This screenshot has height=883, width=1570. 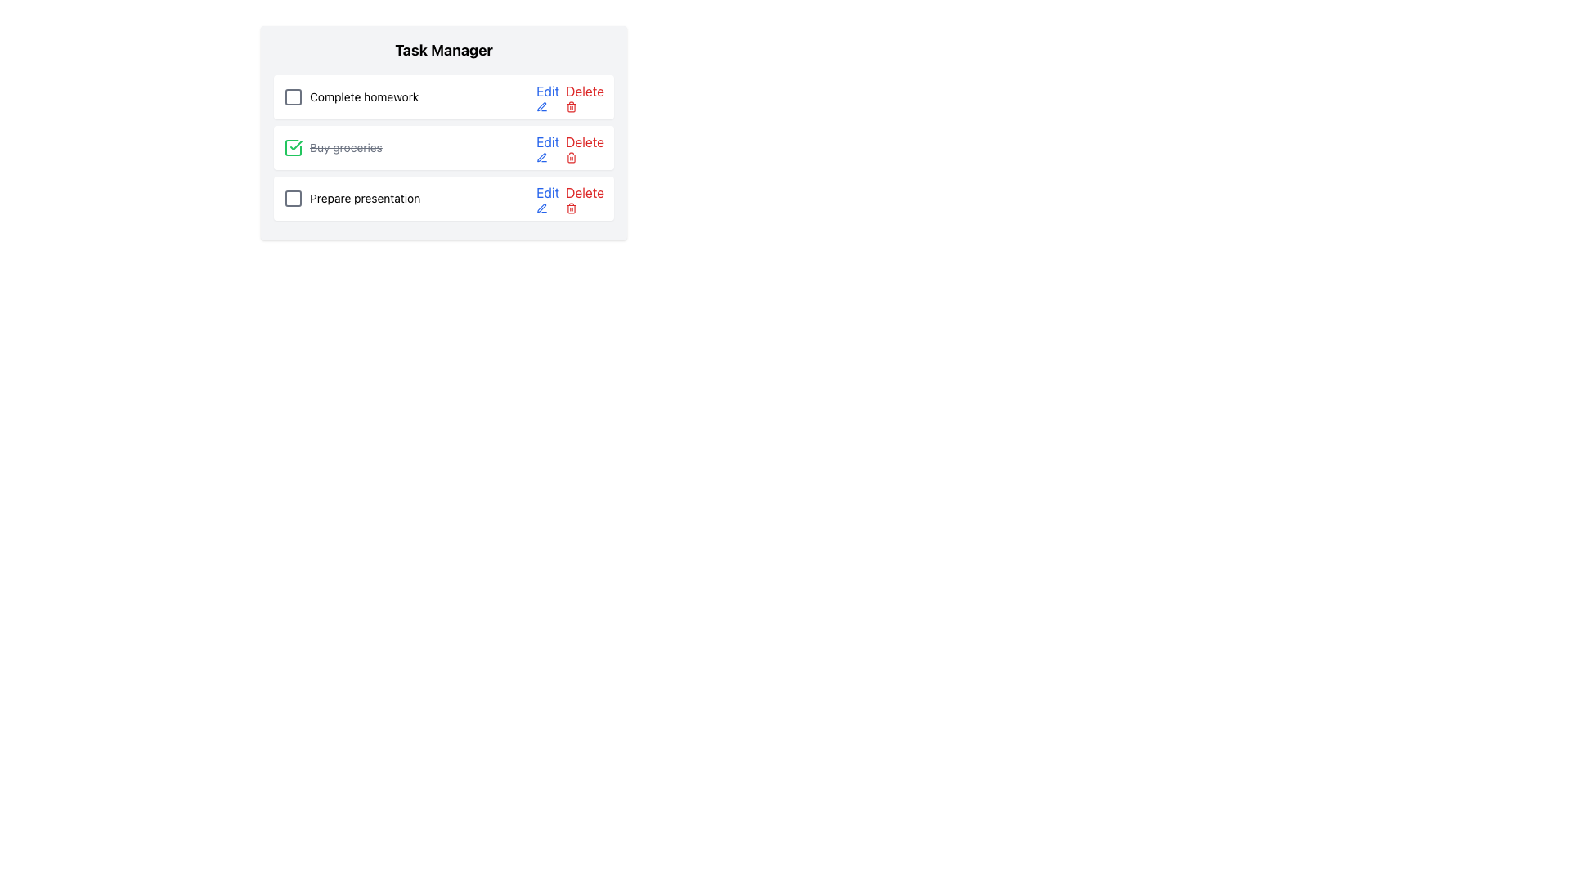 What do you see at coordinates (585, 198) in the screenshot?
I see `the 'Delete' button, which is styled in red with an underlined hover effect` at bounding box center [585, 198].